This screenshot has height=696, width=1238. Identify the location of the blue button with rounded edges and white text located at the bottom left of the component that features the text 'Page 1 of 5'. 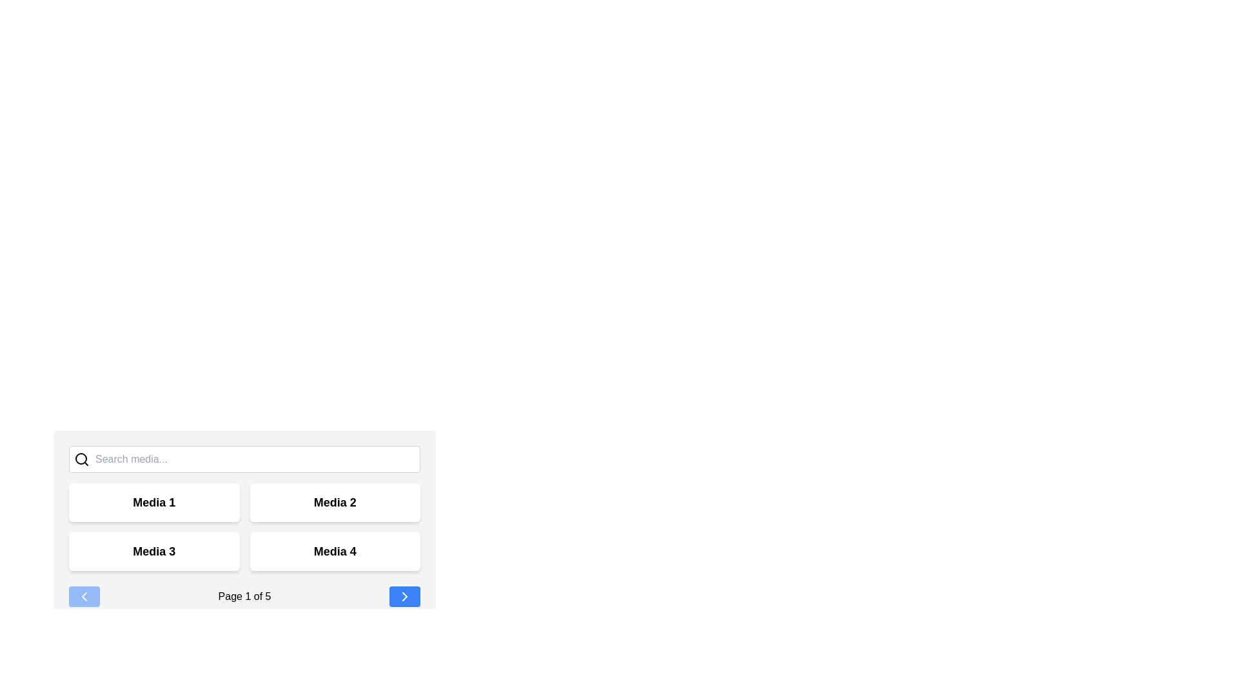
(83, 596).